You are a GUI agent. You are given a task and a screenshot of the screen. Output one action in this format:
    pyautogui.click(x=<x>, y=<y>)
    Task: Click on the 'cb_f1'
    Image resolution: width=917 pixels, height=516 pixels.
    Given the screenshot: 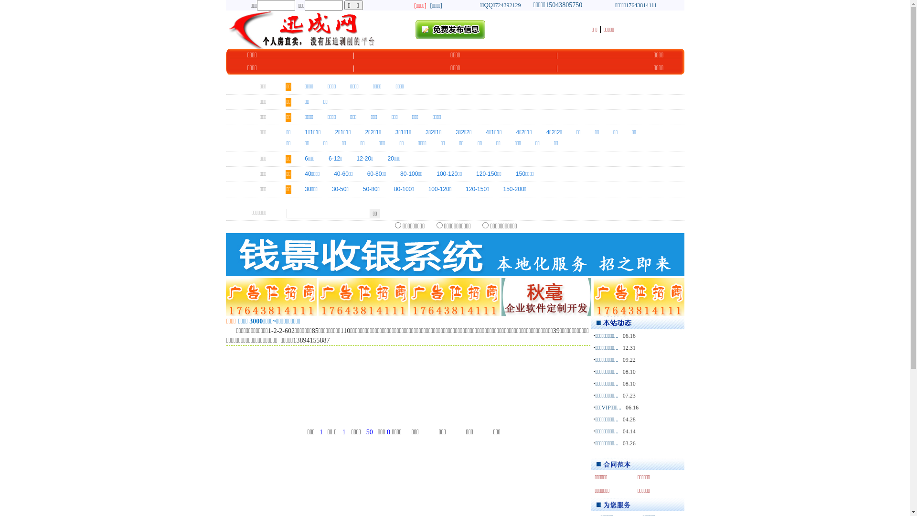 What is the action you would take?
    pyautogui.click(x=439, y=225)
    